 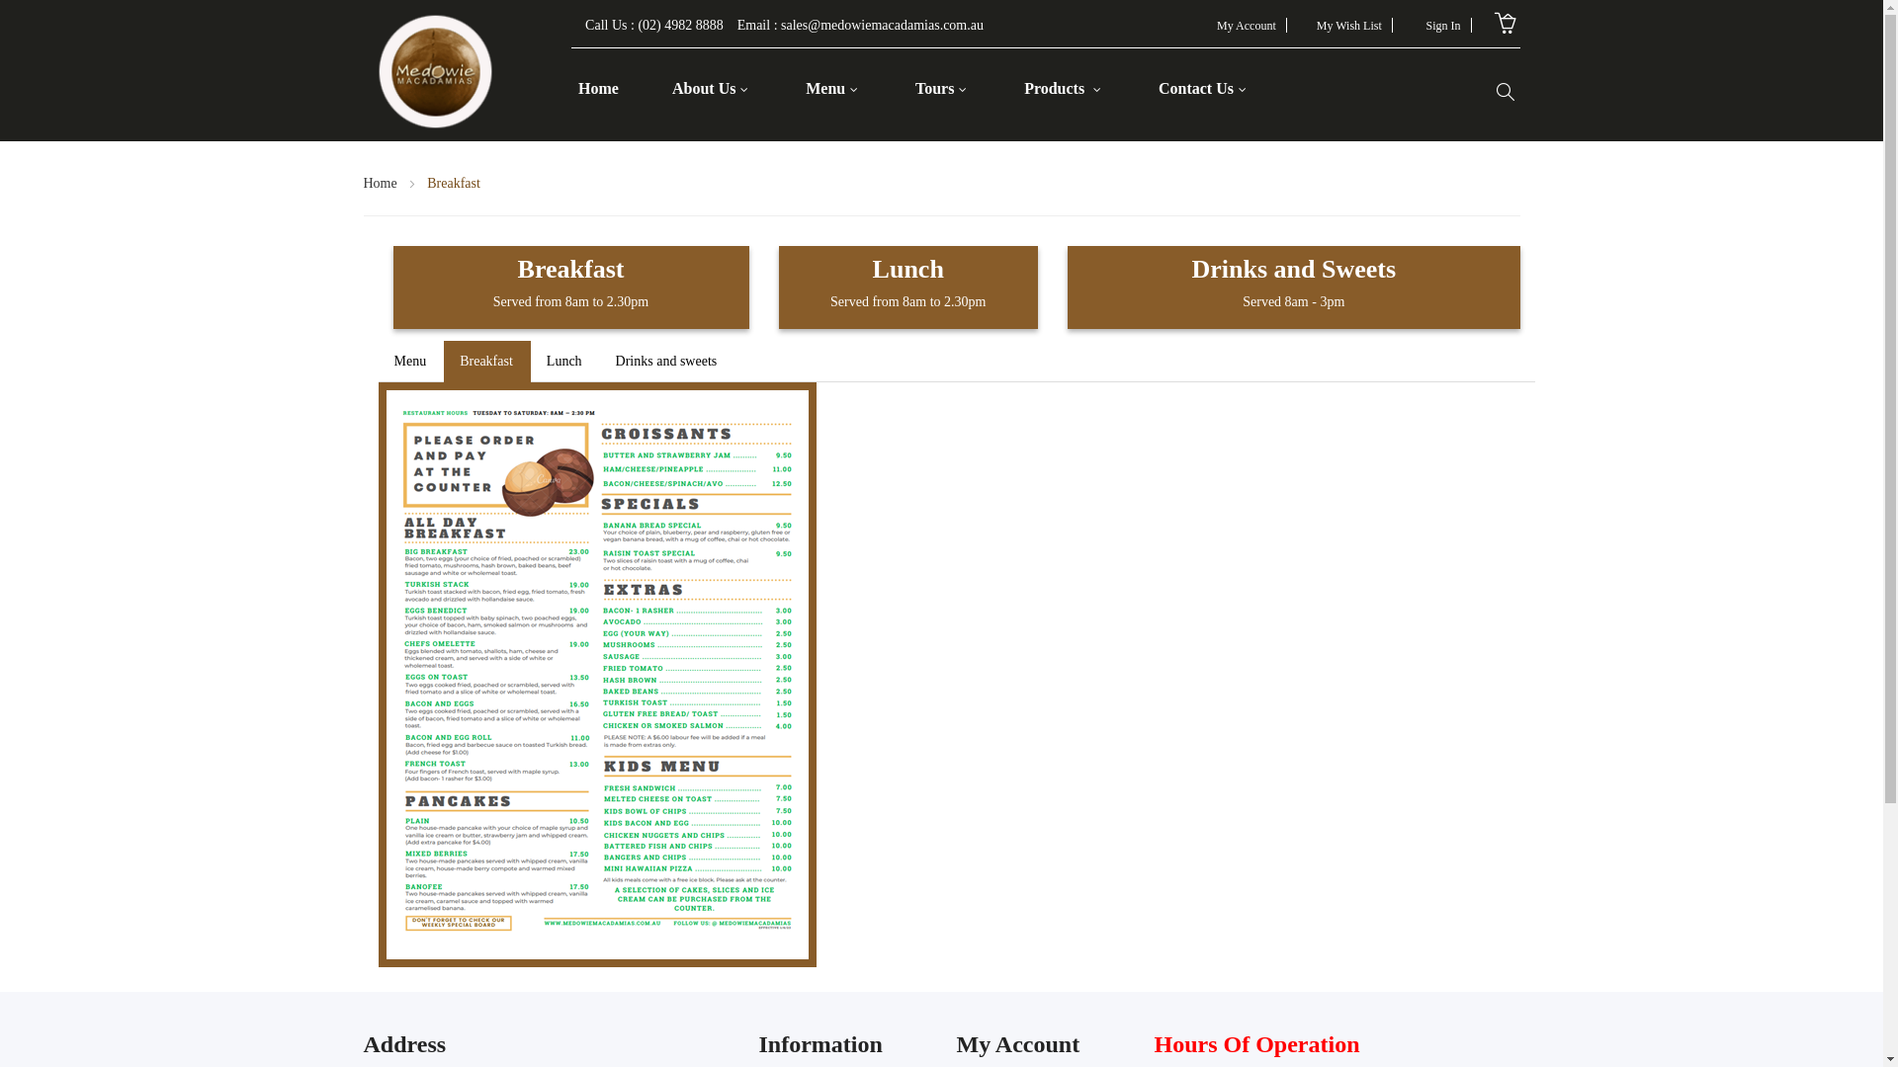 I want to click on 'Contact Us', so click(x=1201, y=87).